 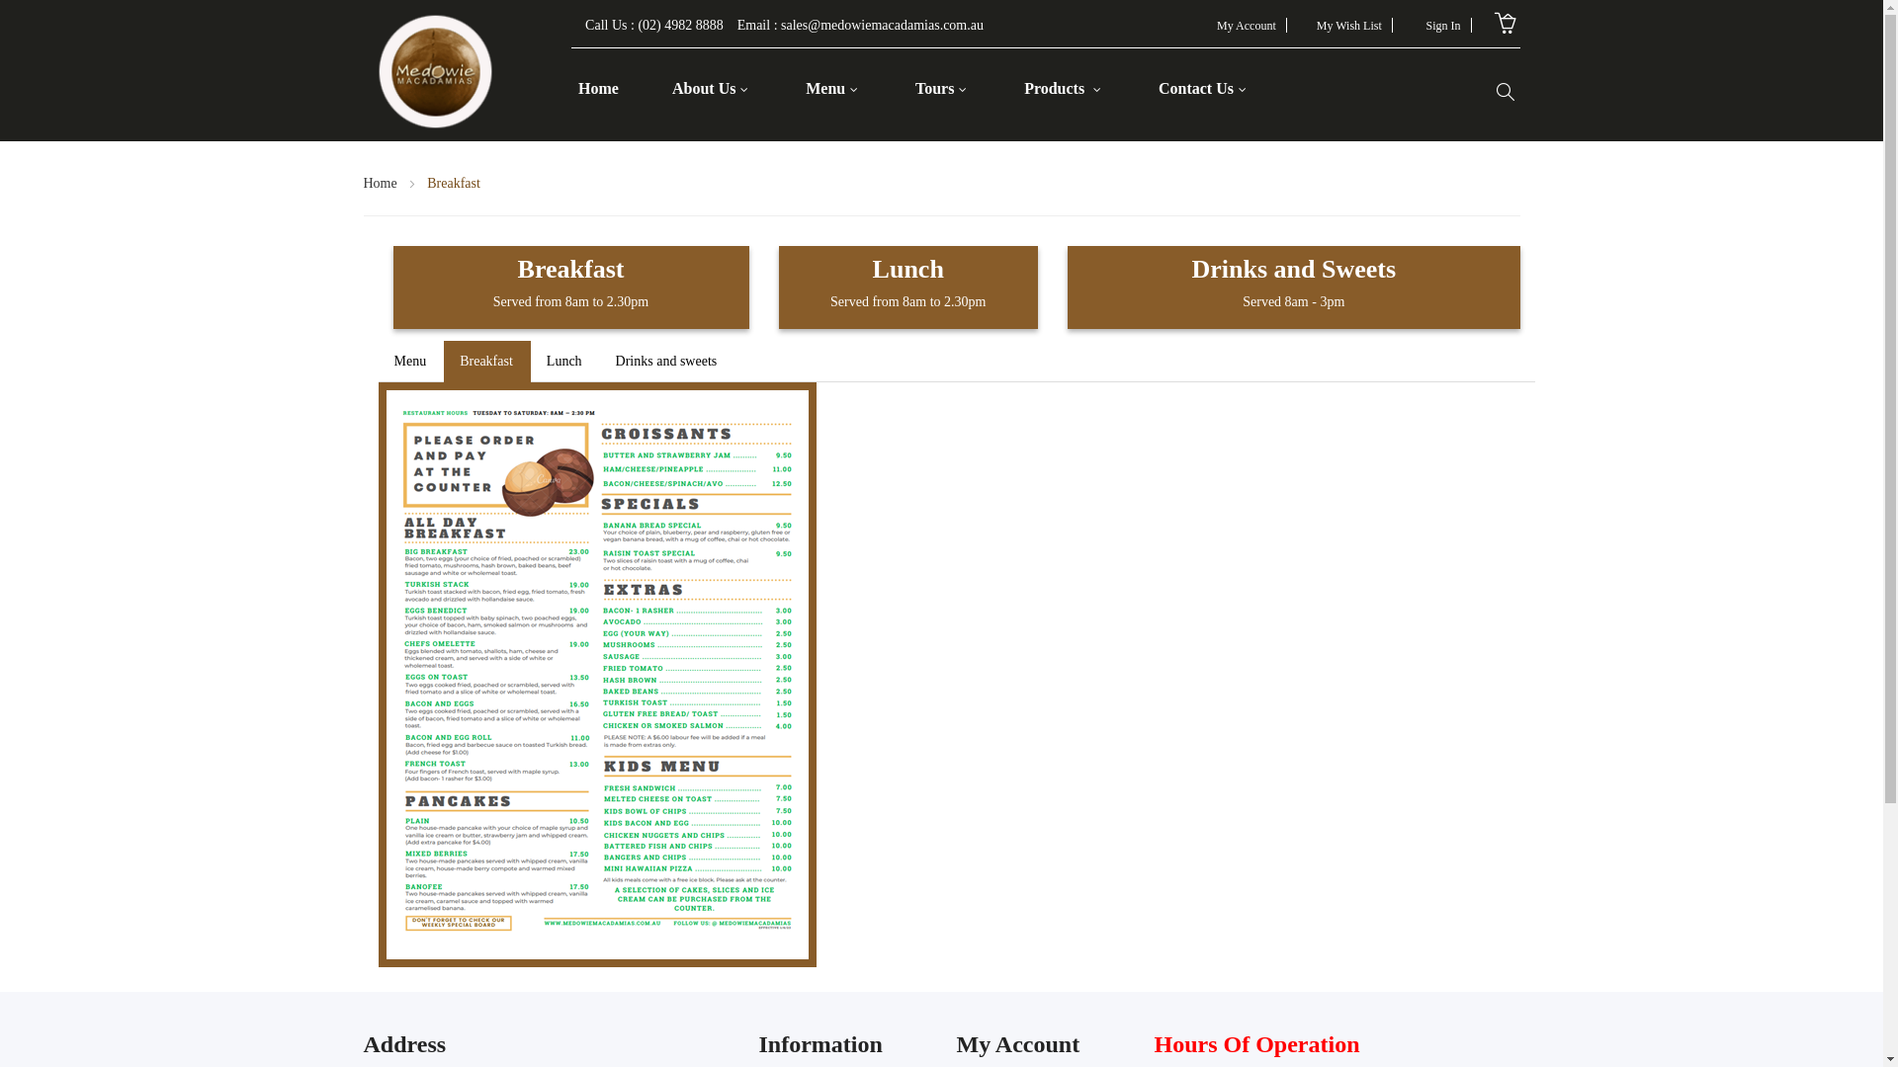 I want to click on 'Contact Us', so click(x=1201, y=87).